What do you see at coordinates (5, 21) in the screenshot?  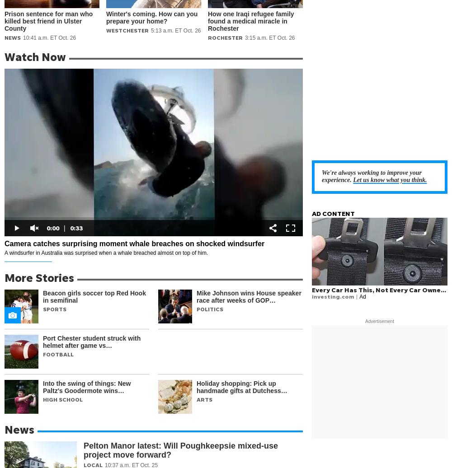 I see `'Prison sentence for man who killed best friend in Ulster County'` at bounding box center [5, 21].